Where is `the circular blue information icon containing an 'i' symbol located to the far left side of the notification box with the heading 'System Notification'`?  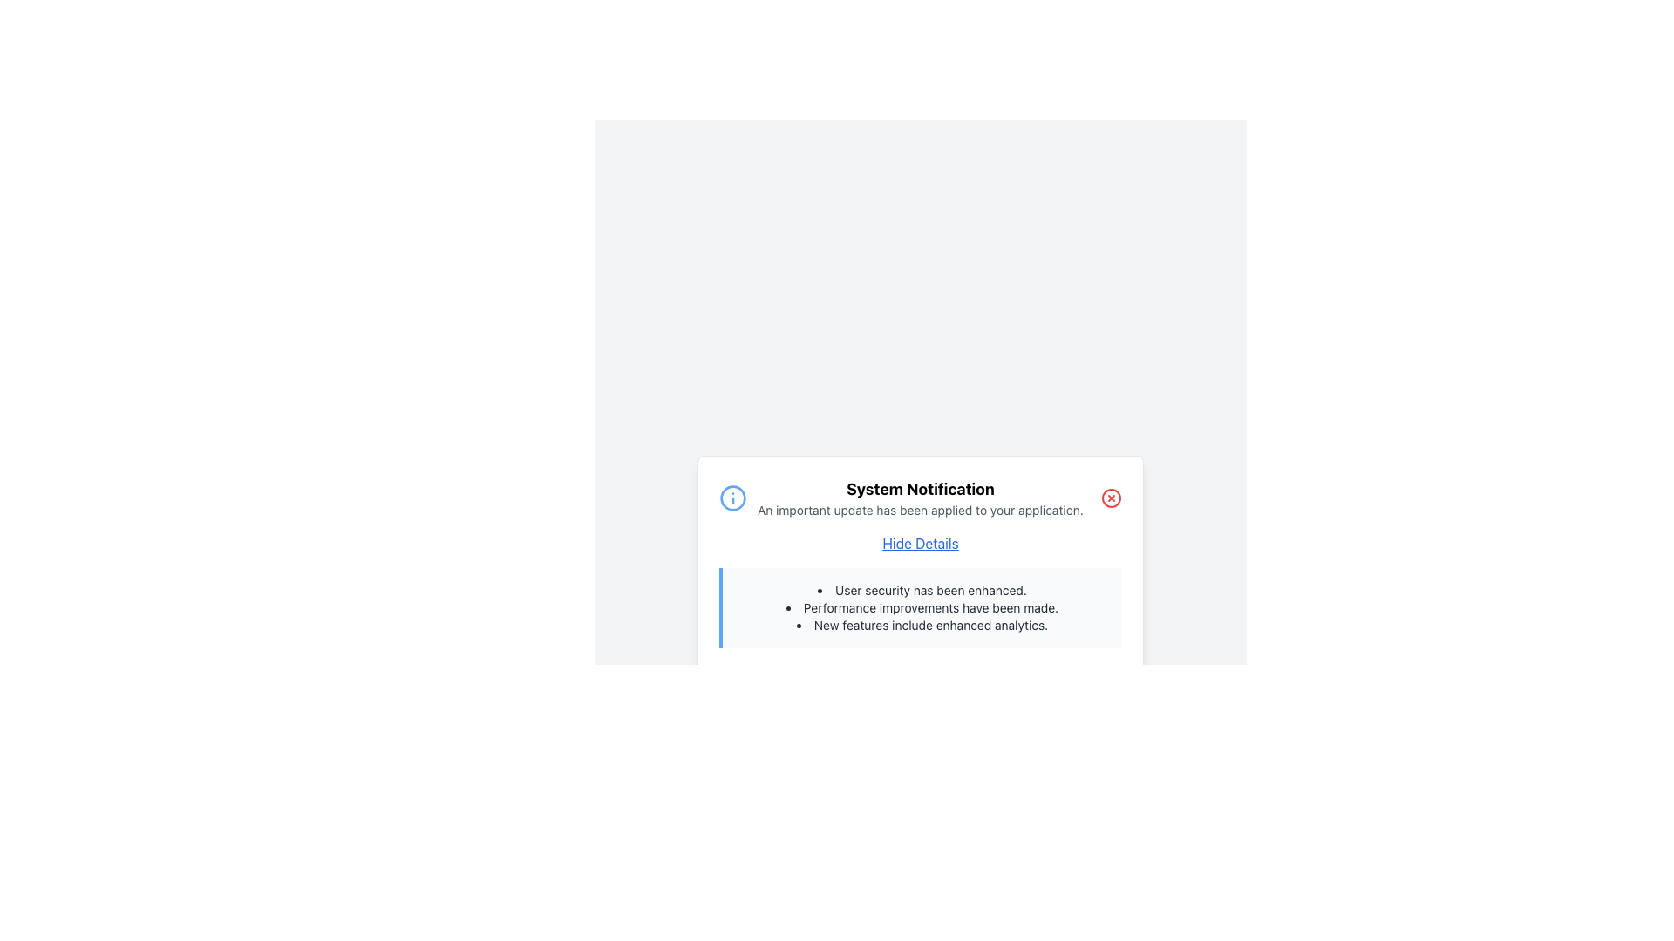
the circular blue information icon containing an 'i' symbol located to the far left side of the notification box with the heading 'System Notification' is located at coordinates (732, 498).